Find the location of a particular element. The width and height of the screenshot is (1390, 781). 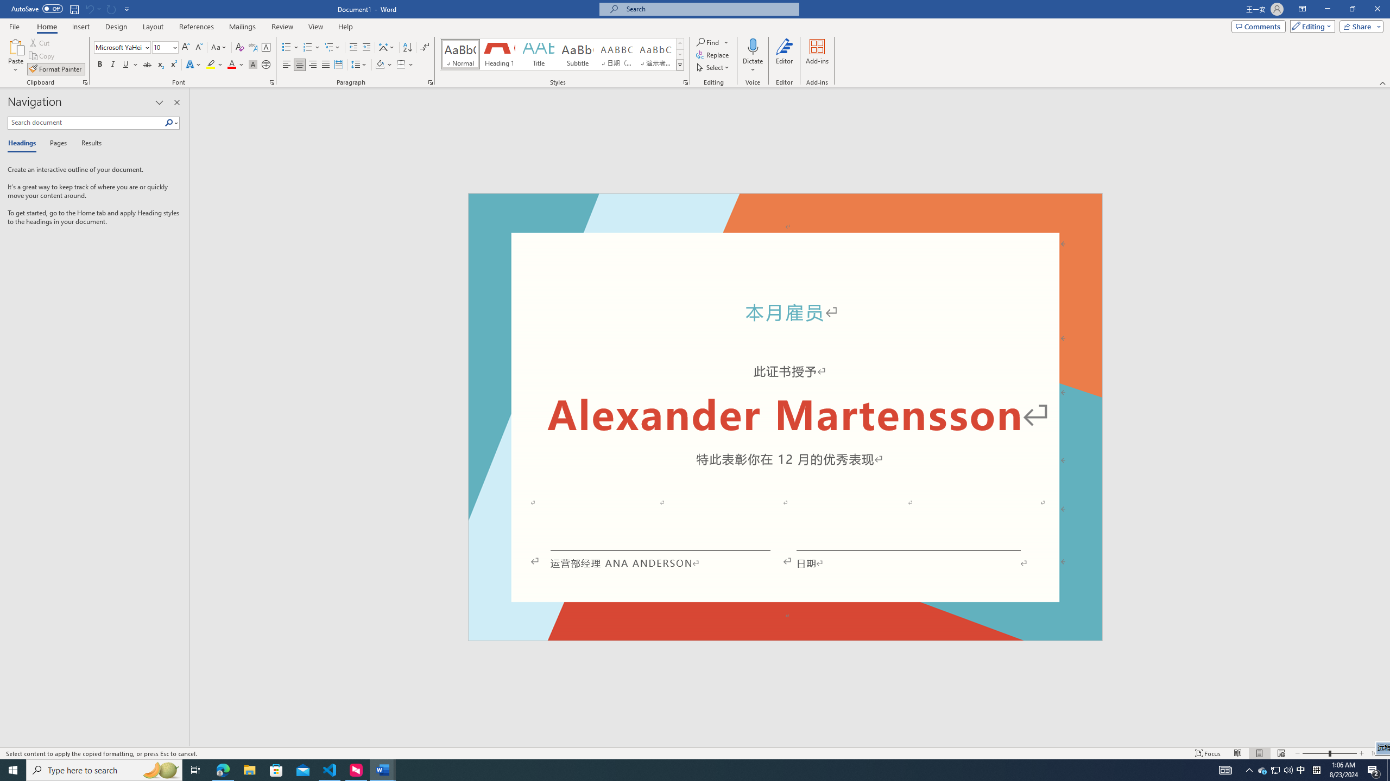

'Phonetic Guide...' is located at coordinates (252, 47).